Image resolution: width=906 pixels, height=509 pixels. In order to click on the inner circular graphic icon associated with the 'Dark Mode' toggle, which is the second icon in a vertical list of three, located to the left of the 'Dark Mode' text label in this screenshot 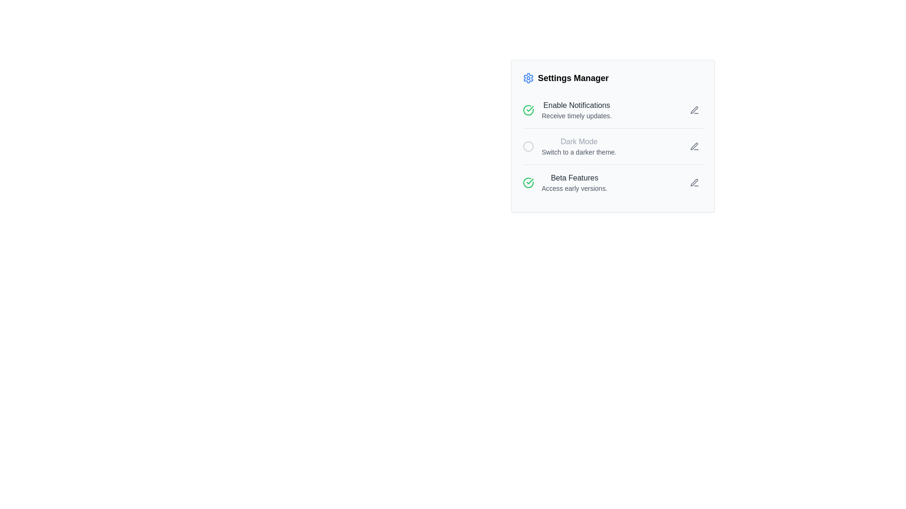, I will do `click(528, 147)`.